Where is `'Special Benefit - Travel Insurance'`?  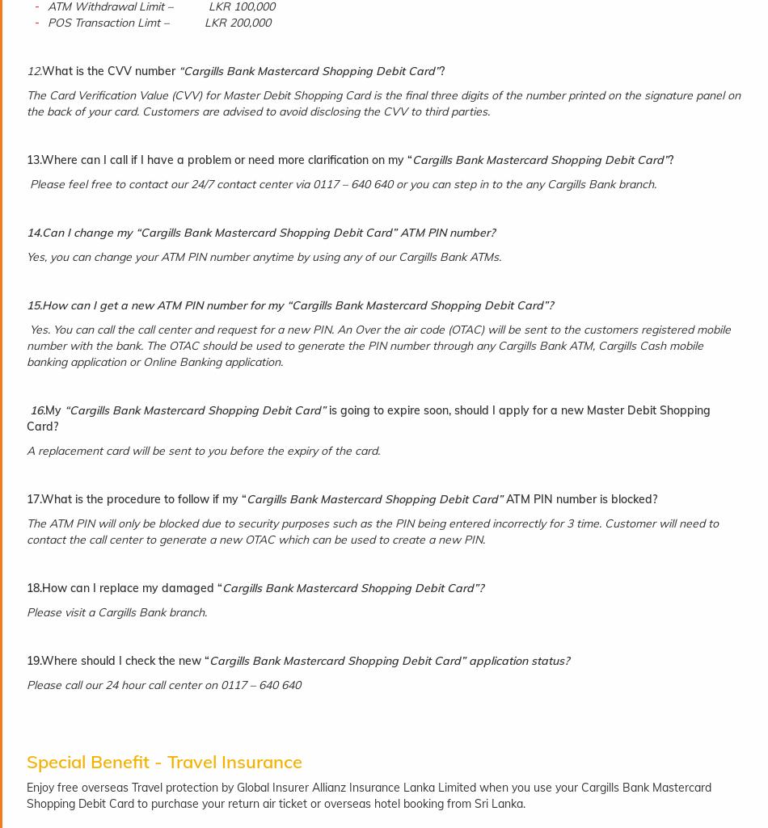
'Special Benefit - Travel Insurance' is located at coordinates (164, 762).